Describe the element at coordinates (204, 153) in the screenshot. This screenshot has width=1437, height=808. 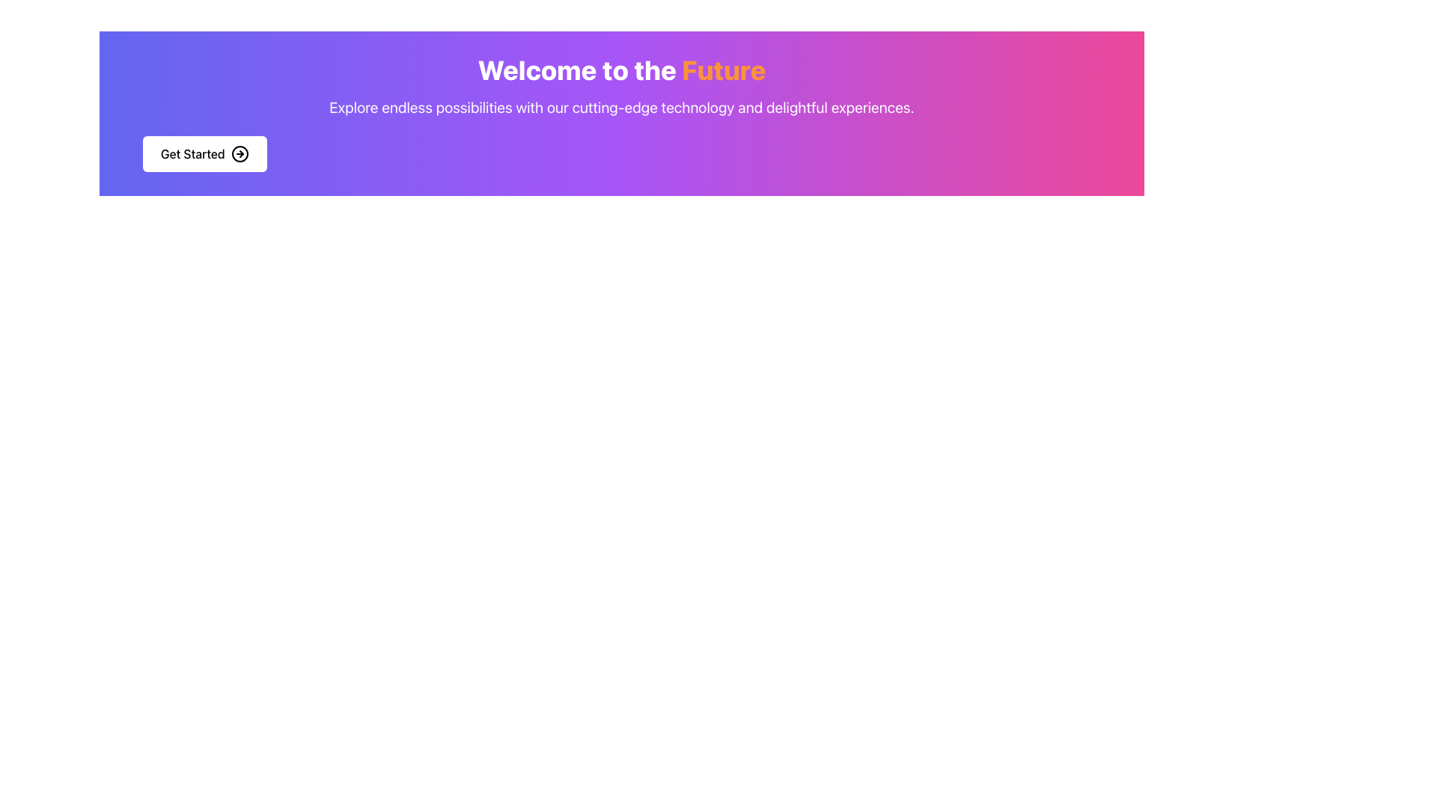
I see `the 'Get Started' button, which has a white background, black text, rounded corners, and an arrow icon, to trigger hover effects` at that location.